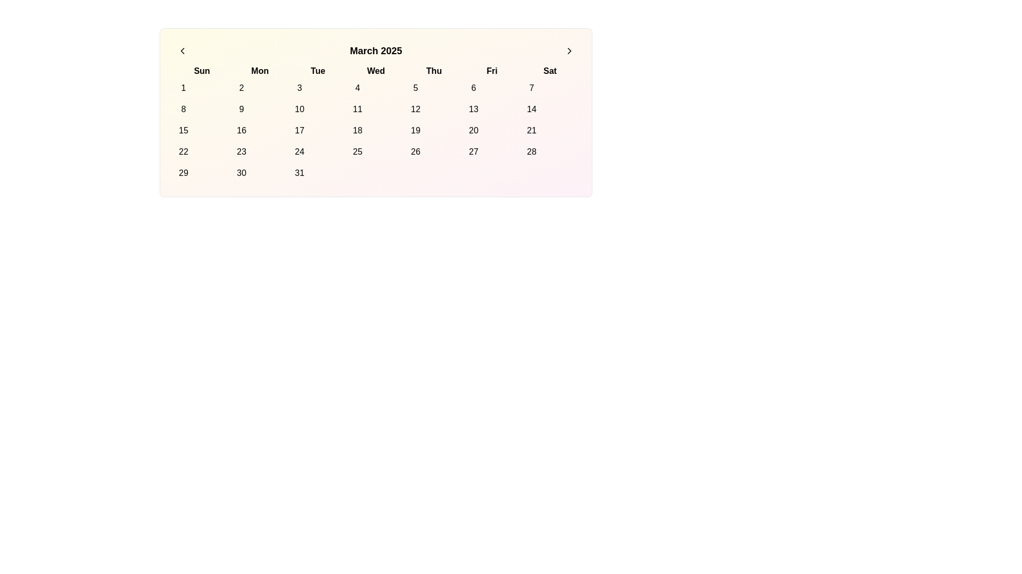  I want to click on the button for selecting the 10th day in the displayed month of the calendar, located under the 'Tue' header in the second row of the calendar grid, so click(299, 109).